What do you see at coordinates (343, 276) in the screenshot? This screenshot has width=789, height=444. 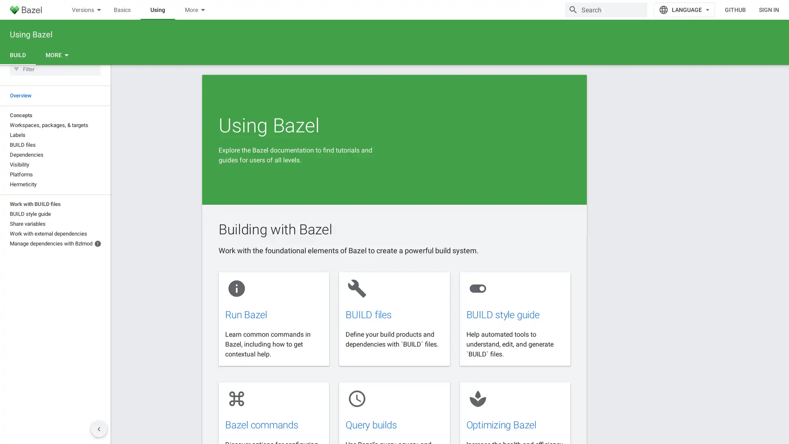 I see `Copy link to this section: Building with Bazel` at bounding box center [343, 276].